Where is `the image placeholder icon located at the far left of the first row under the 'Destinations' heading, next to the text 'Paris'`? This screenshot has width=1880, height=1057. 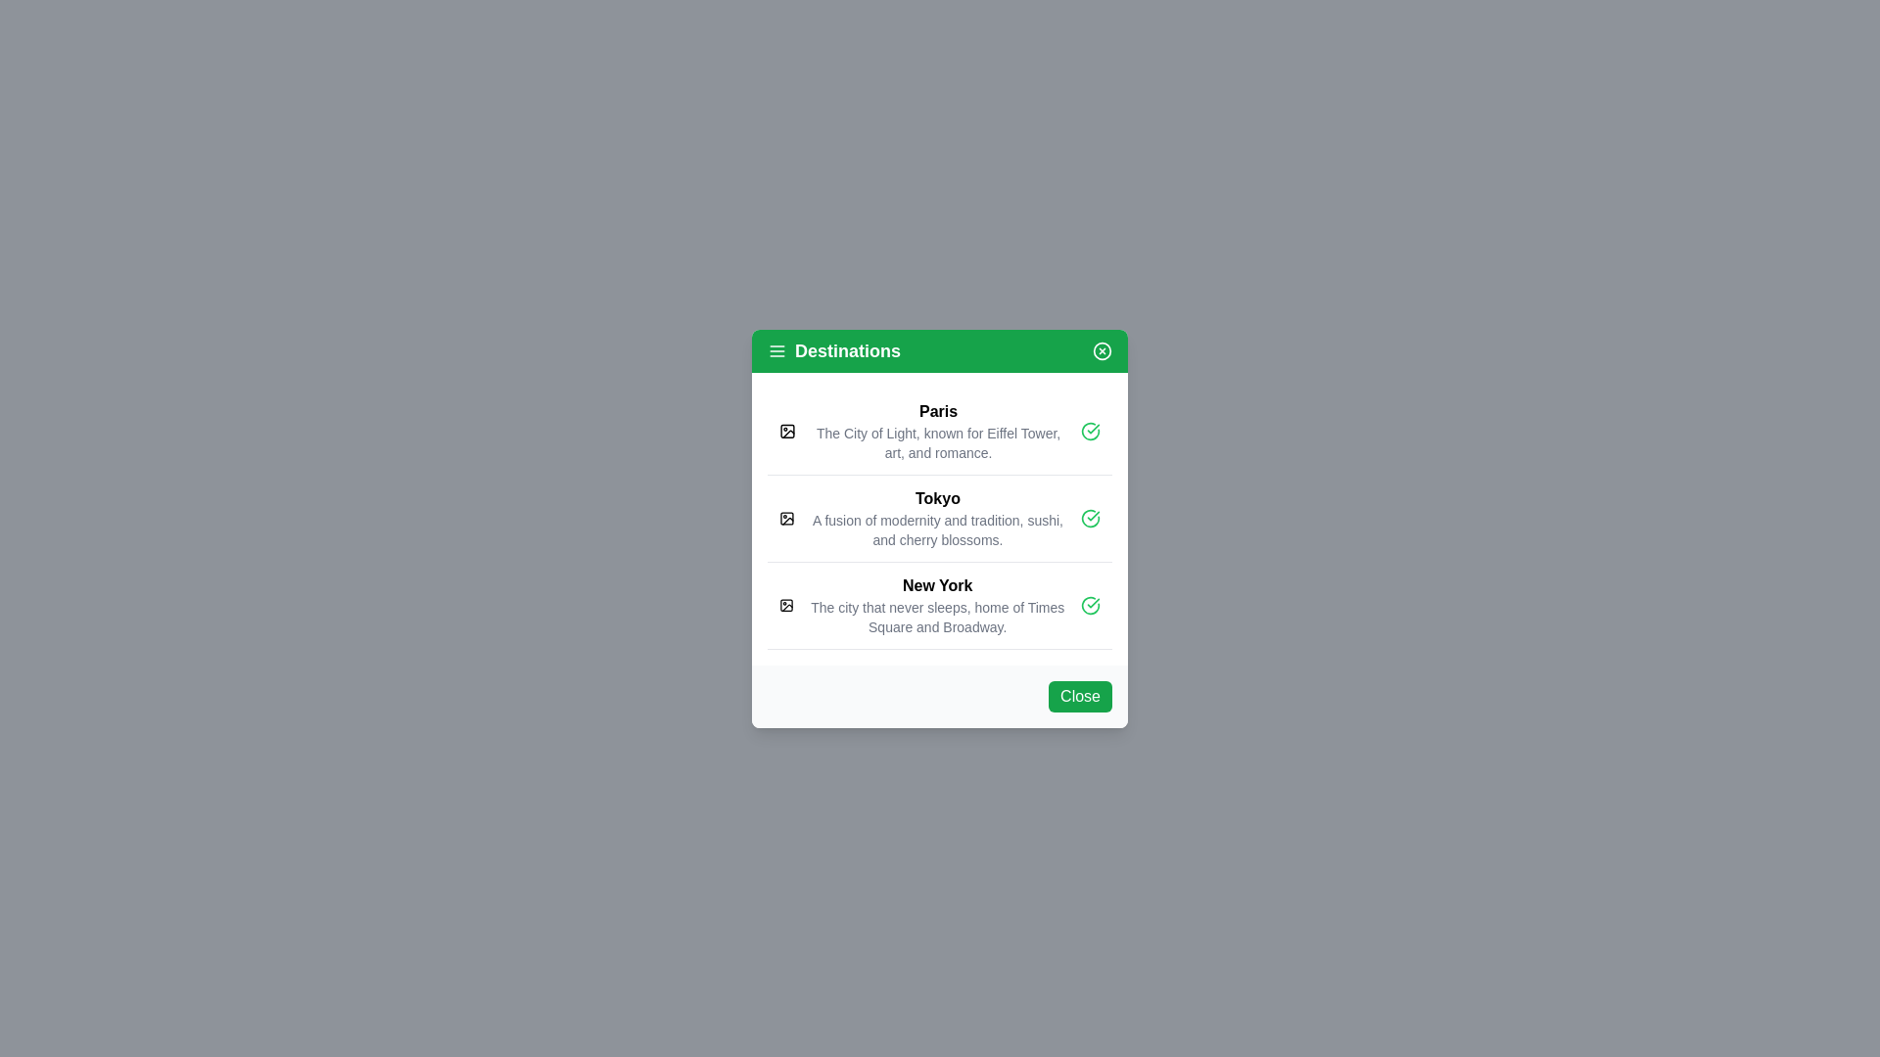
the image placeholder icon located at the far left of the first row under the 'Destinations' heading, next to the text 'Paris' is located at coordinates (787, 430).